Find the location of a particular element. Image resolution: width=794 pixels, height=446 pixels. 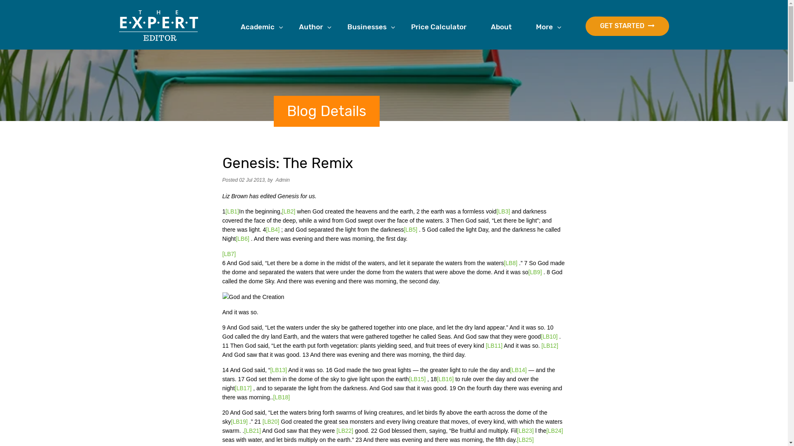

'The Expert Editor' is located at coordinates (119, 25).